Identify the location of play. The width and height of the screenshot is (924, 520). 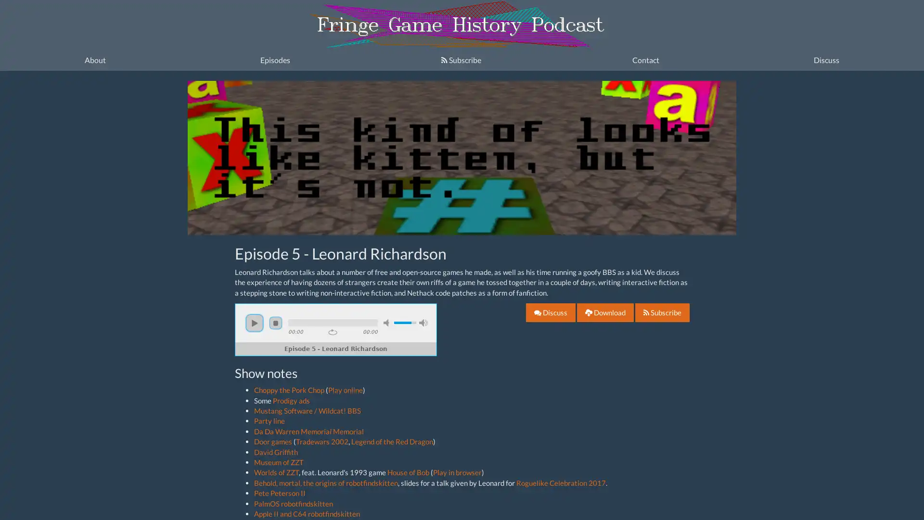
(254, 323).